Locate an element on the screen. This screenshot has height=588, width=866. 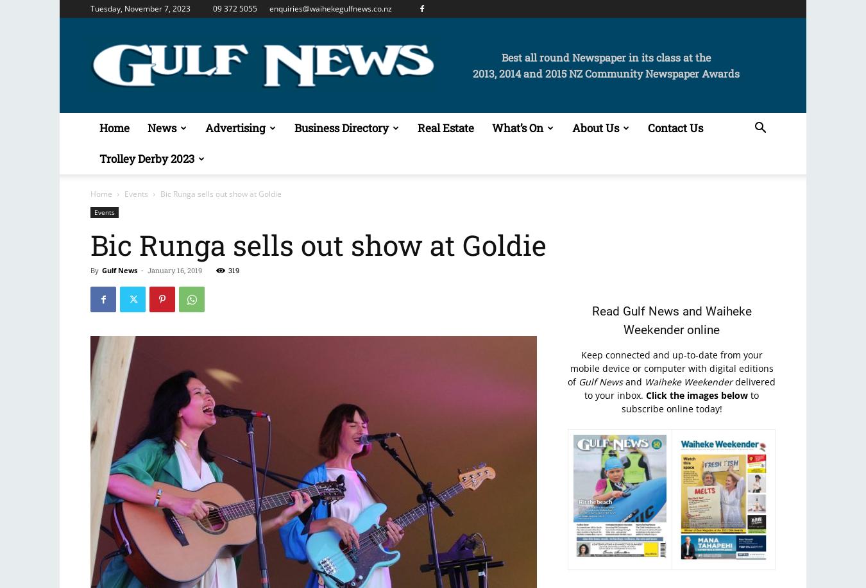
'Home' is located at coordinates (101, 194).